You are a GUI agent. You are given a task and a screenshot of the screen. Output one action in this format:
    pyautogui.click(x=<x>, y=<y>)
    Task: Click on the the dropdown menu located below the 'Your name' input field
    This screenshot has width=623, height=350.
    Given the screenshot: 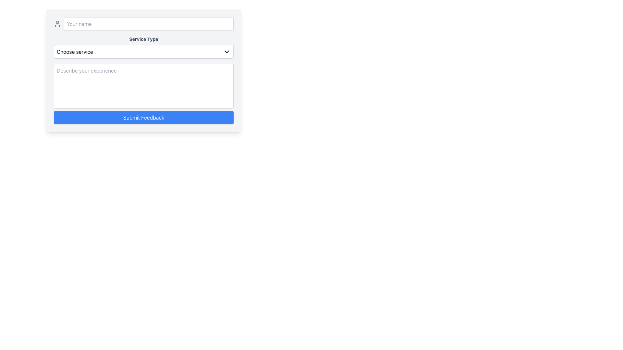 What is the action you would take?
    pyautogui.click(x=143, y=47)
    